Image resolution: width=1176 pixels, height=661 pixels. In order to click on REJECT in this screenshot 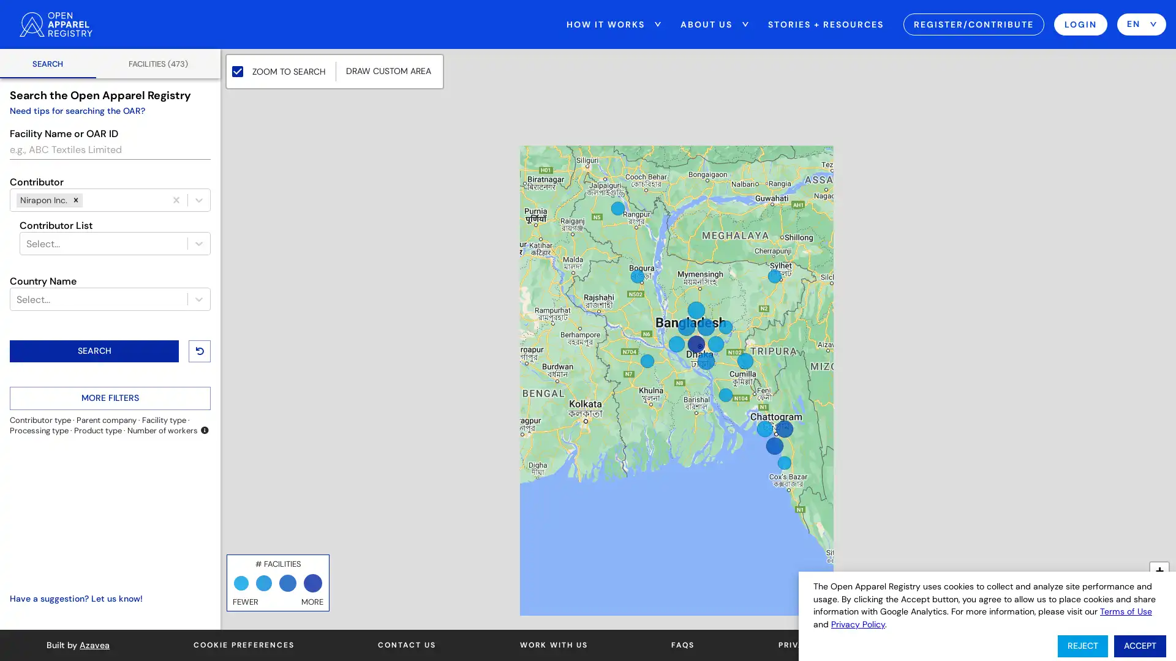, I will do `click(1082, 646)`.